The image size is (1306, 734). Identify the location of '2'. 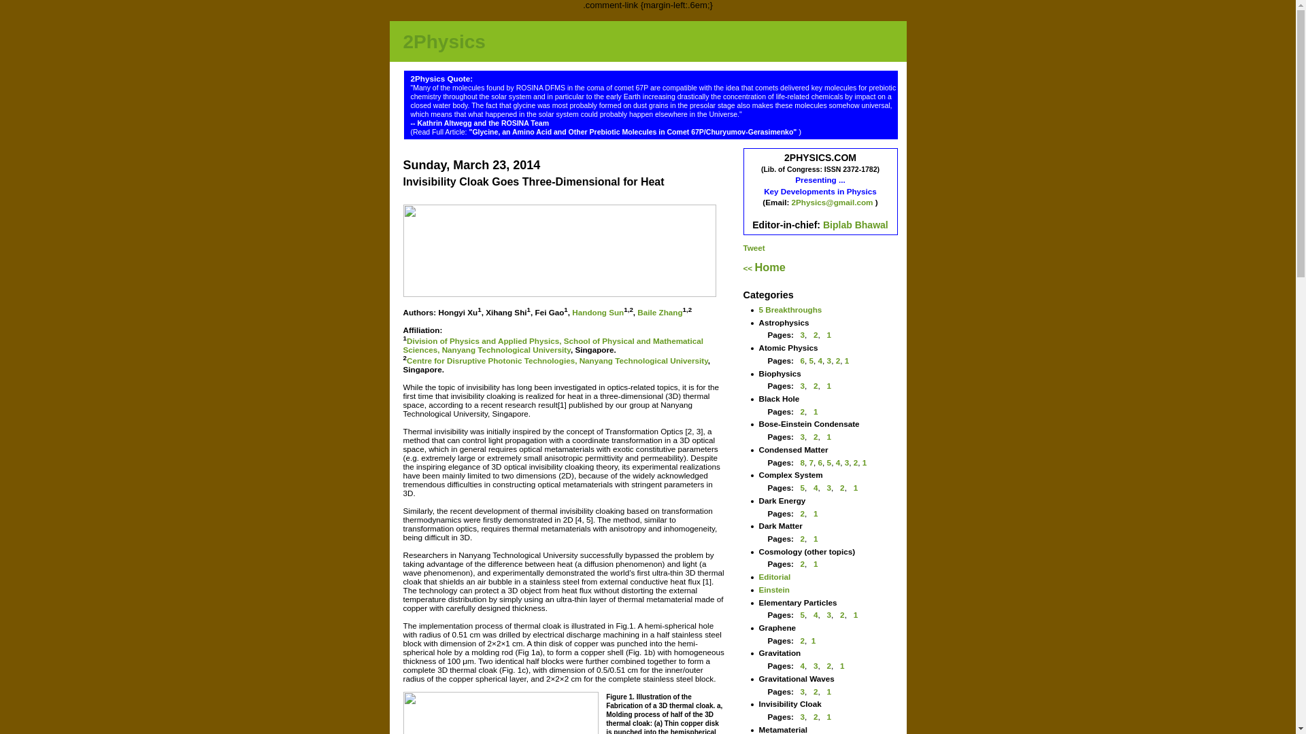
(816, 716).